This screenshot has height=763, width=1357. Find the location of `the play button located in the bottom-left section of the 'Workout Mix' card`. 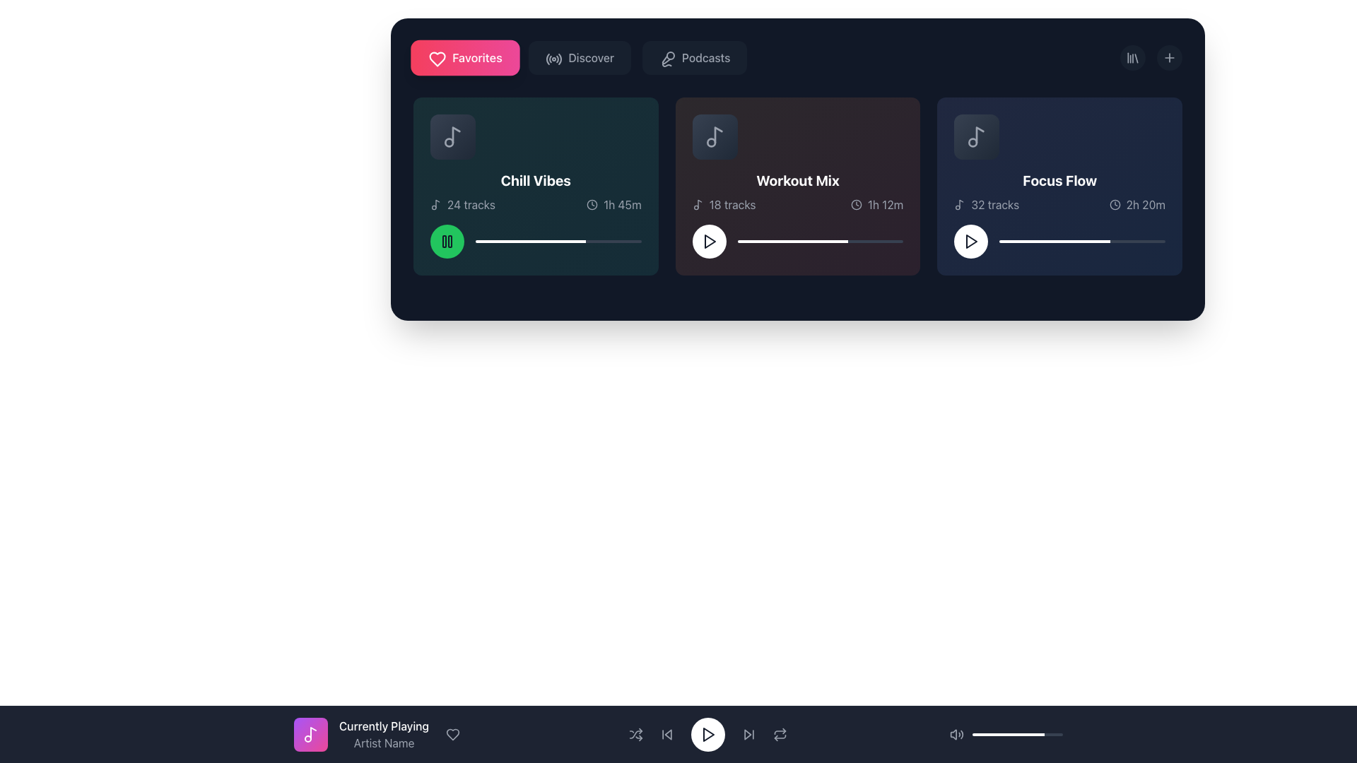

the play button located in the bottom-left section of the 'Workout Mix' card is located at coordinates (710, 241).